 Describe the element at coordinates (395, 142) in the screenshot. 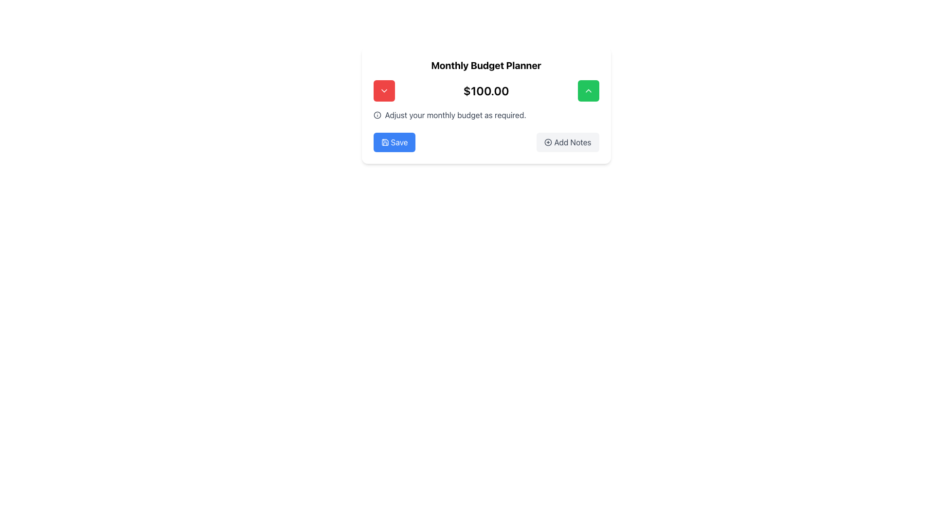

I see `the rectangular 'Save' button with a blue background and white text` at that location.